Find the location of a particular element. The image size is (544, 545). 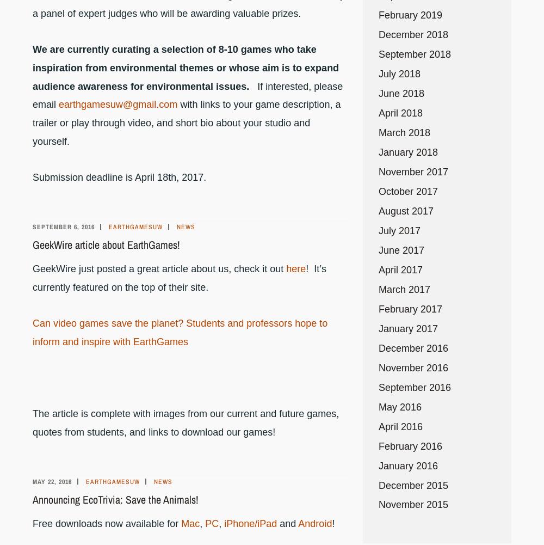

'Can video games save the planet? Students and professors hope to inform and inspire with EarthGames' is located at coordinates (180, 332).